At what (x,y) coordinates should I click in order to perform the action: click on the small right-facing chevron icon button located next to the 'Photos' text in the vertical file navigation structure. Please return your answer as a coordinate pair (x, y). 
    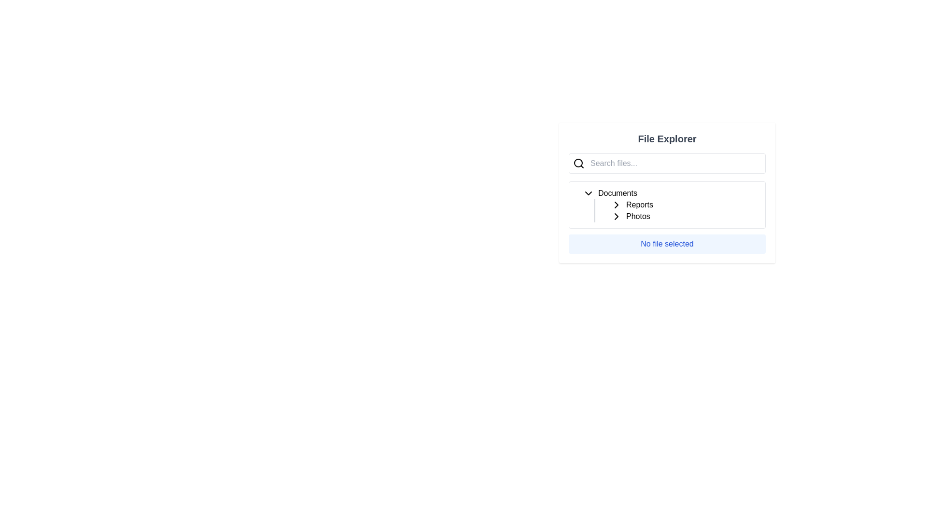
    Looking at the image, I should click on (616, 216).